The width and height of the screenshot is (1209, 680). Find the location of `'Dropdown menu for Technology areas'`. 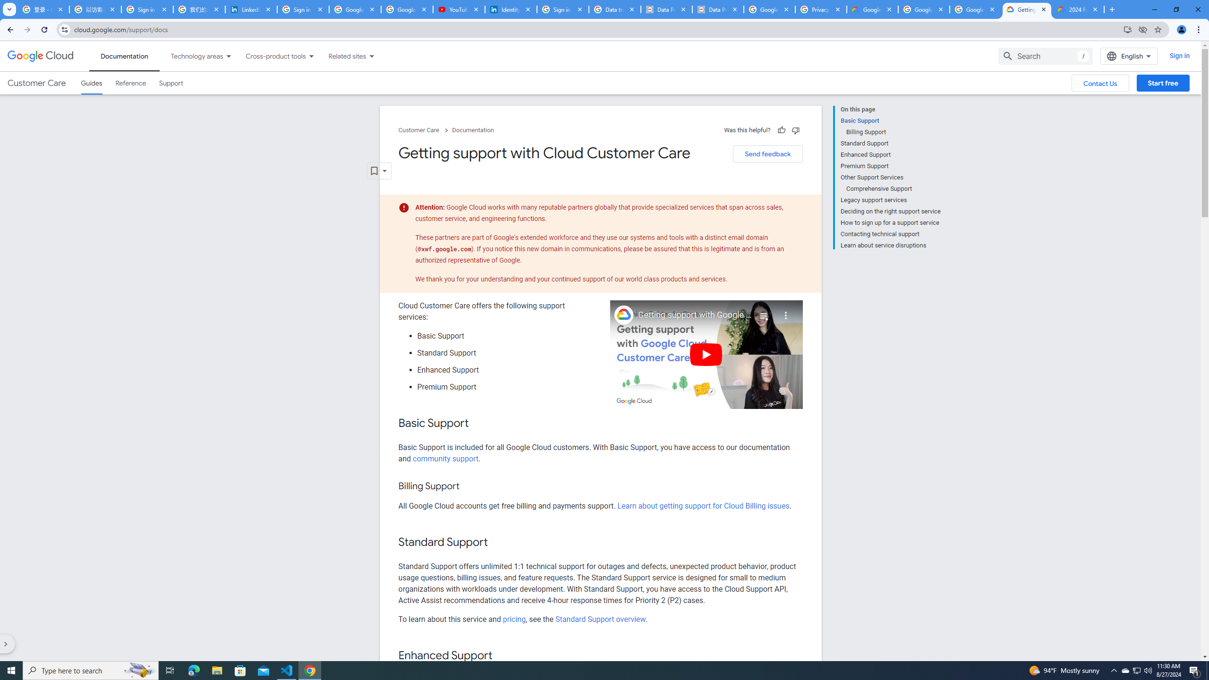

'Dropdown menu for Technology areas' is located at coordinates (228, 56).